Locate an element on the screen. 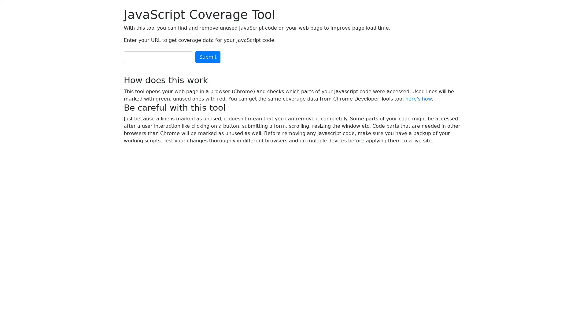  Submit is located at coordinates (208, 57).